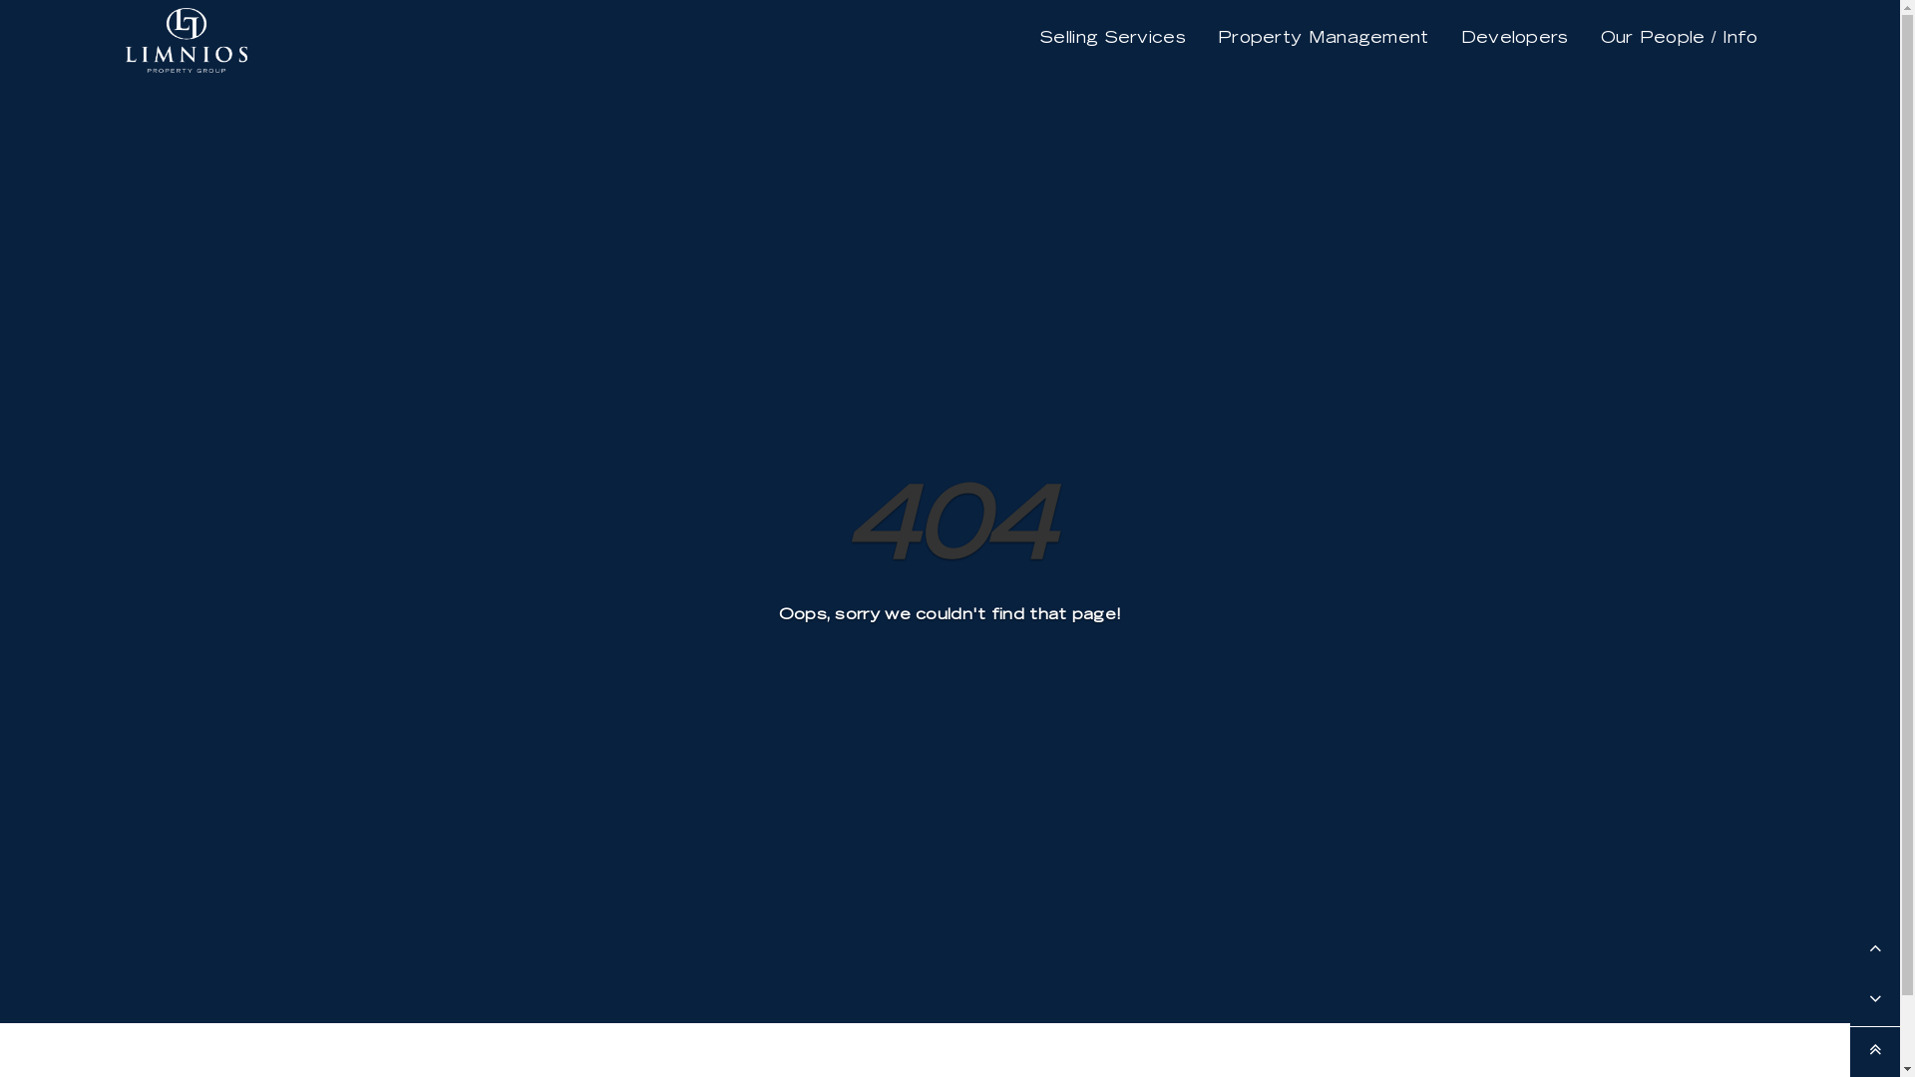 The height and width of the screenshot is (1077, 1915). What do you see at coordinates (1323, 38) in the screenshot?
I see `'Property Management'` at bounding box center [1323, 38].